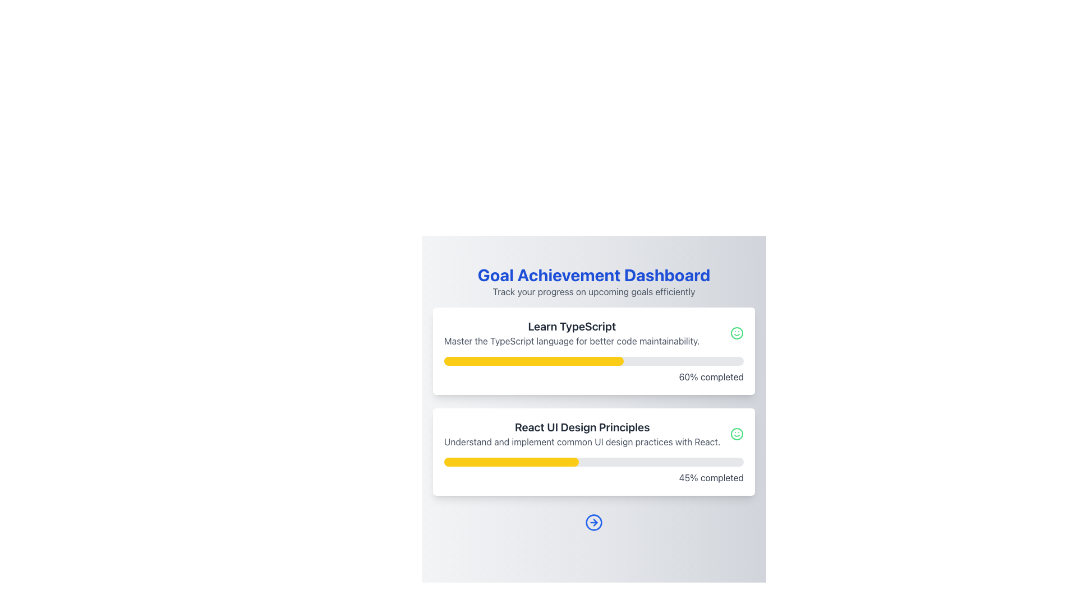 The width and height of the screenshot is (1077, 605). I want to click on the progress bar that indicates 45% completion, located within the 'React UI Design Principles' card, below the 'Learn TypeScript' card, so click(593, 471).